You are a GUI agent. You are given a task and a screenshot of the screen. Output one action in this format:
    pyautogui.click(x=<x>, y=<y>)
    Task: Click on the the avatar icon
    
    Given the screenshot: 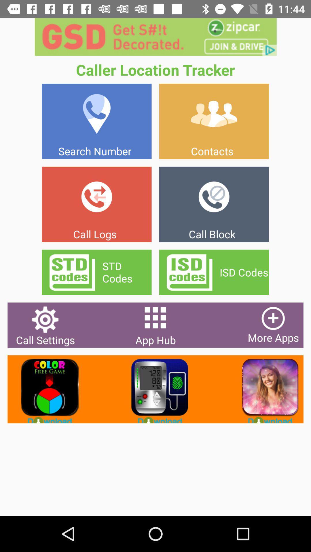 What is the action you would take?
    pyautogui.click(x=155, y=389)
    